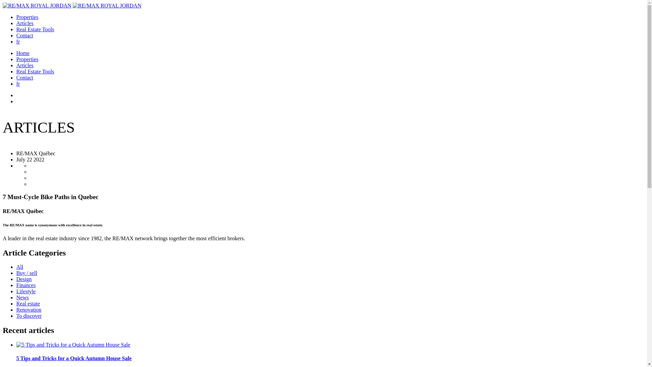 The width and height of the screenshot is (652, 367). I want to click on 'Articles', so click(25, 23).